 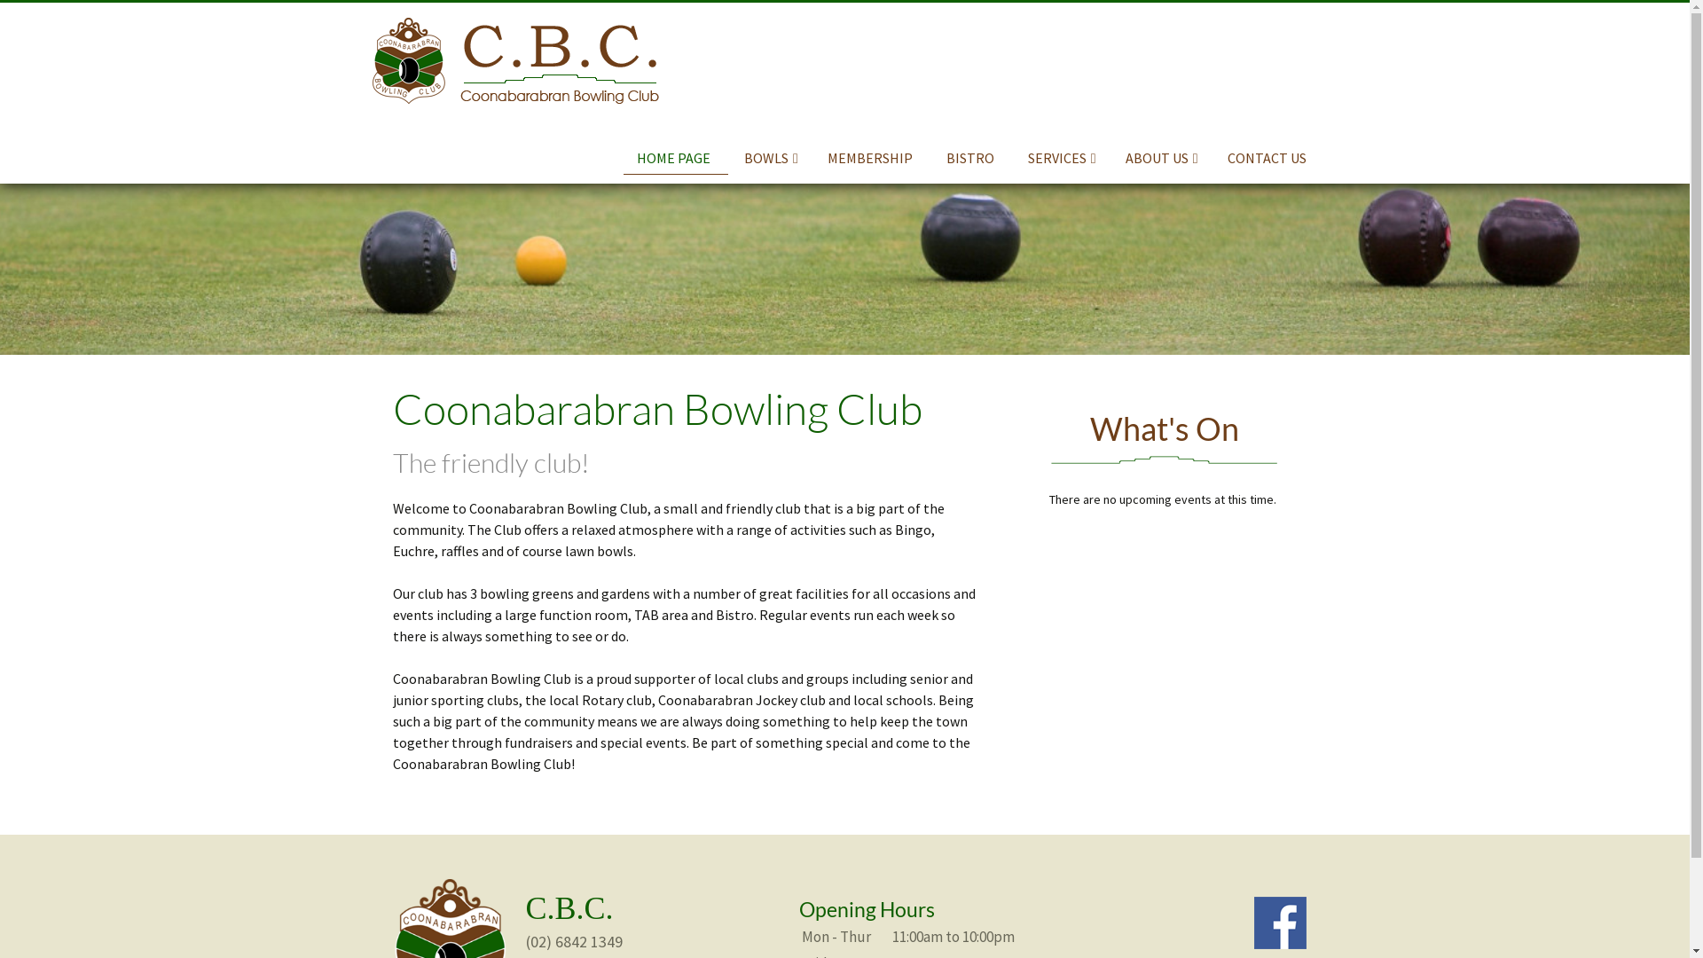 What do you see at coordinates (1143, 189) in the screenshot?
I see `'HISTORY'` at bounding box center [1143, 189].